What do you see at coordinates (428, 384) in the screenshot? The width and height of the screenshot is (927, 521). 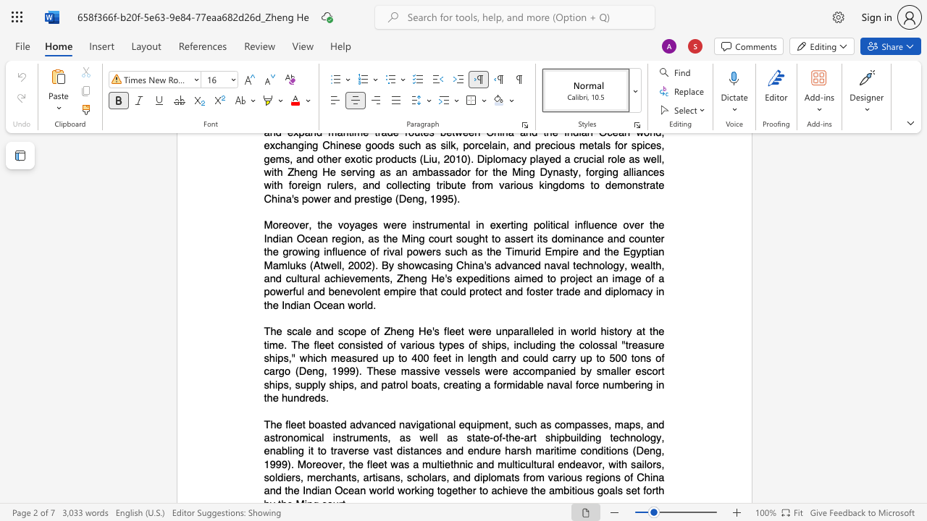 I see `the subset text "ts, creating a f" within the text "of ships, including the colossal"` at bounding box center [428, 384].